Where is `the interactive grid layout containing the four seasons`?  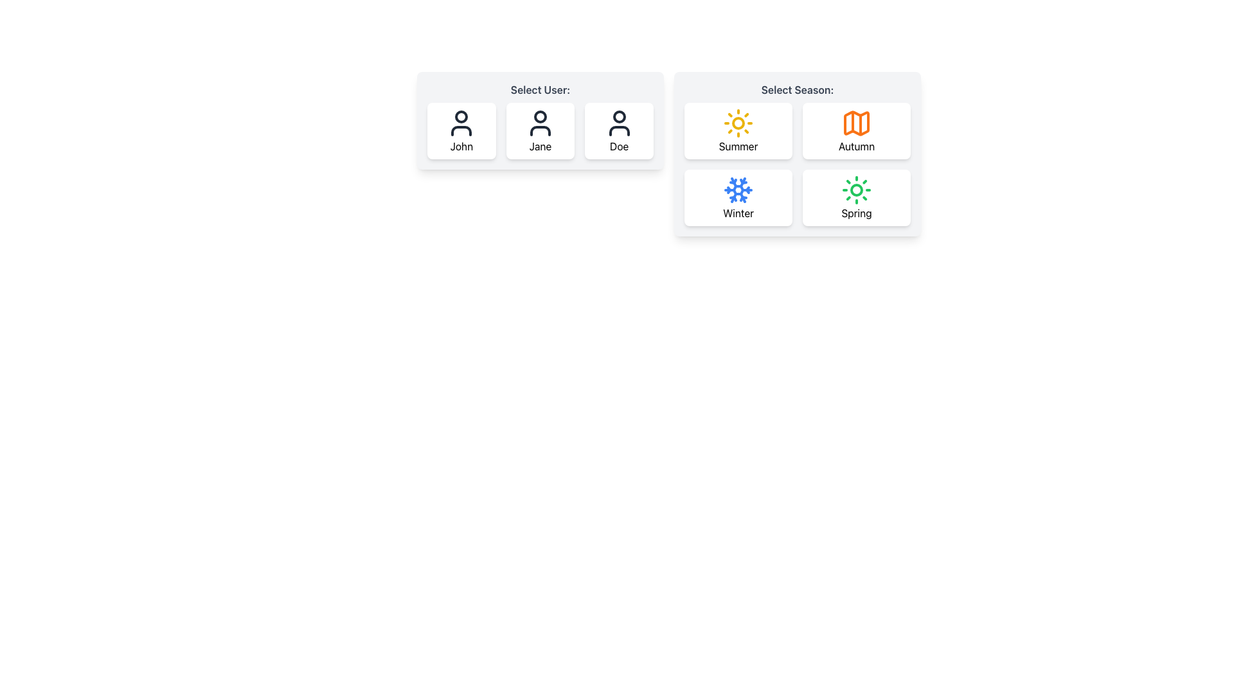 the interactive grid layout containing the four seasons is located at coordinates (797, 163).